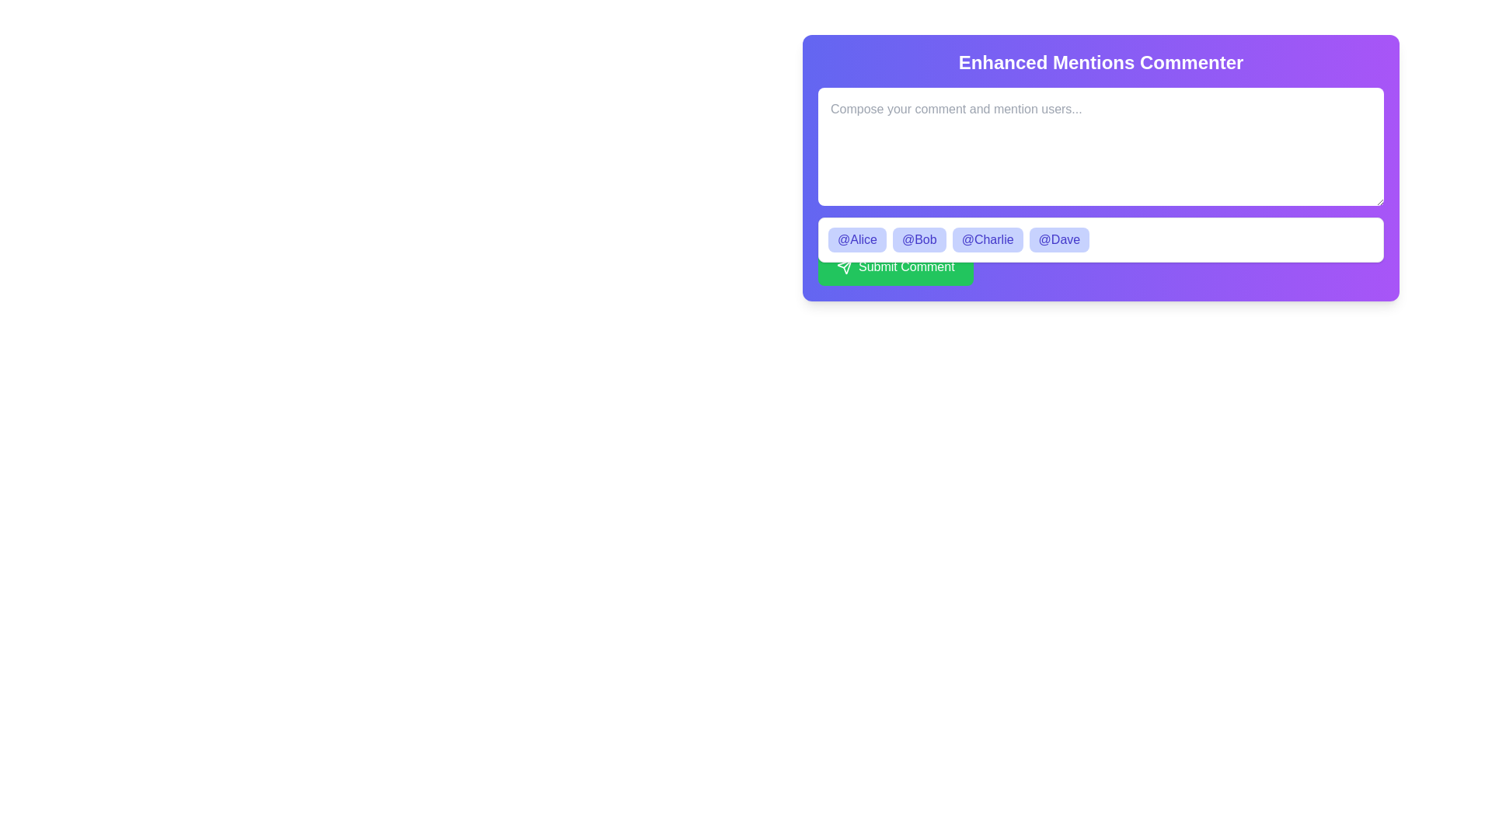 This screenshot has height=839, width=1492. What do you see at coordinates (987, 239) in the screenshot?
I see `the third interactive button for tagging or mentioning the user named '@Charlie' located below the 'Enhanced Mentions Commenter' input field` at bounding box center [987, 239].